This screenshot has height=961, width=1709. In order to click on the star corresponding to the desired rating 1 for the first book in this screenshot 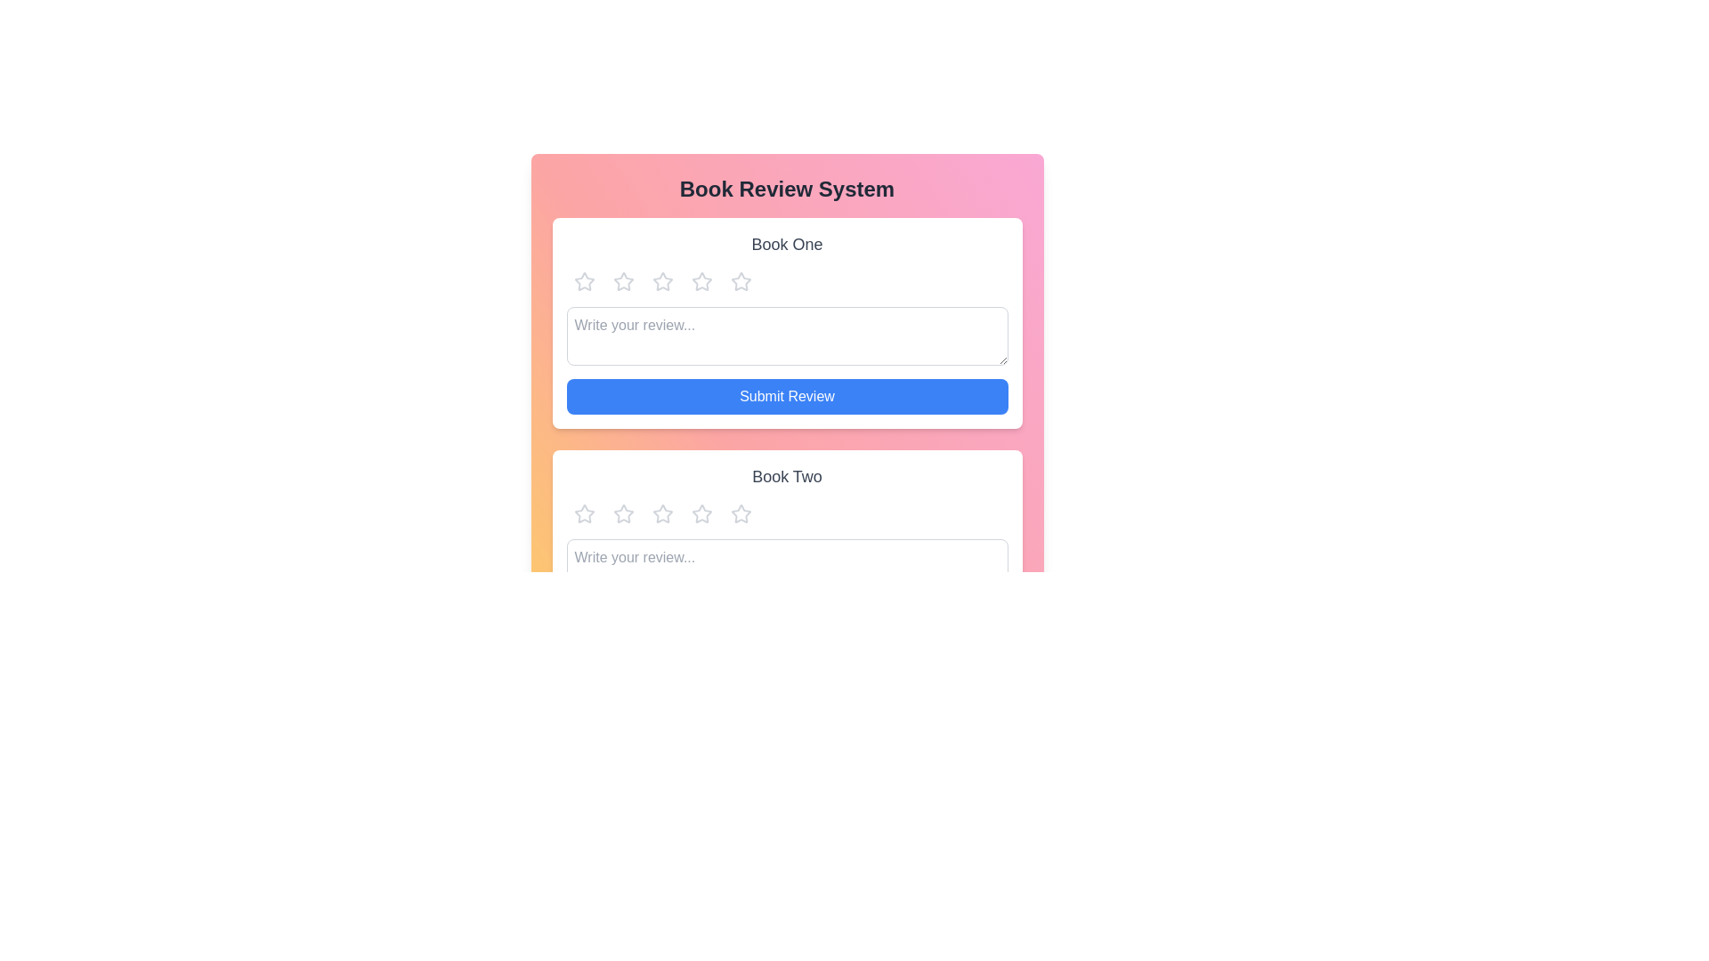, I will do `click(584, 280)`.